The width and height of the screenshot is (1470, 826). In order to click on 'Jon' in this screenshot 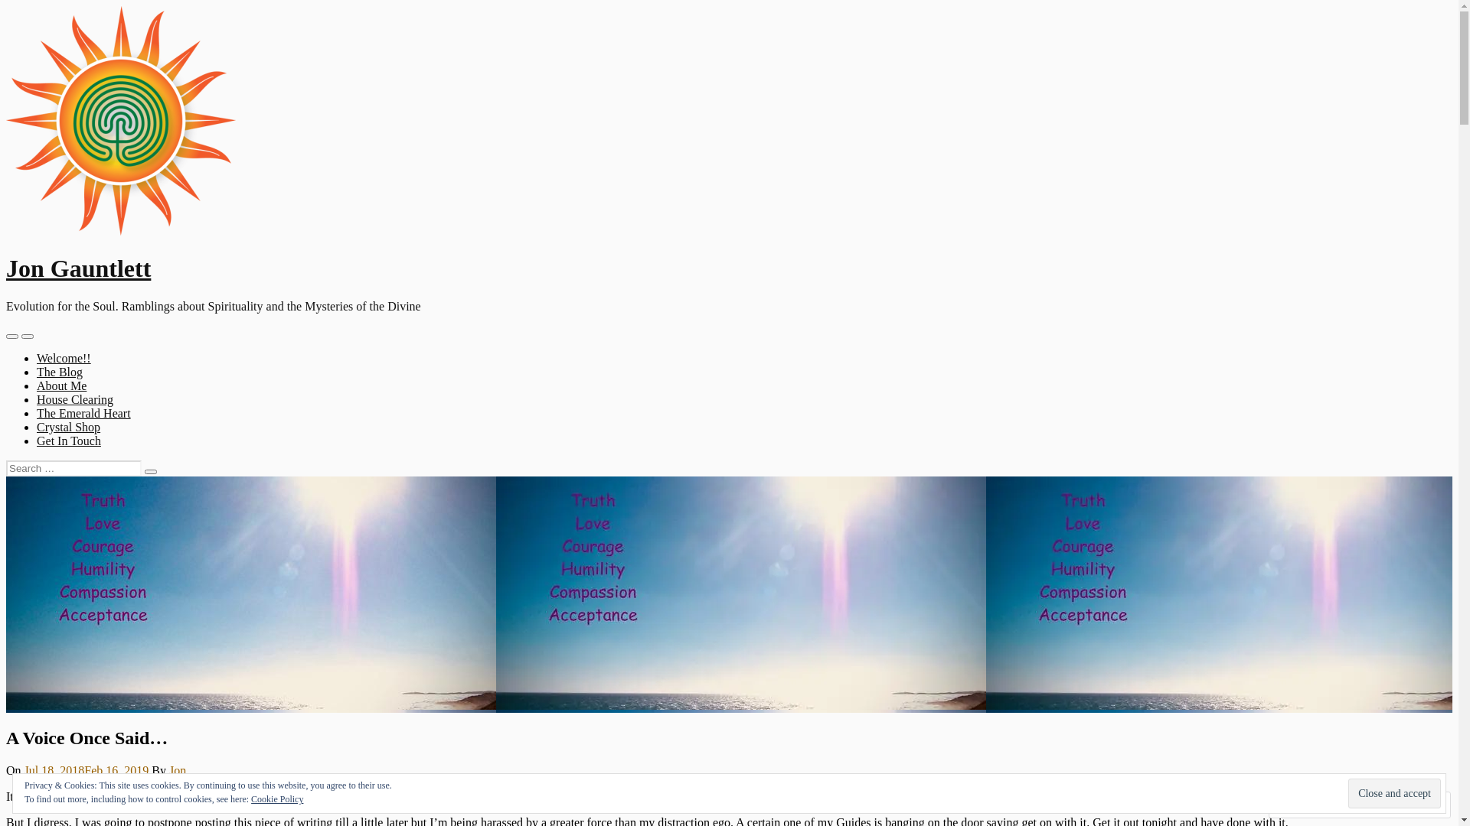, I will do `click(177, 770)`.